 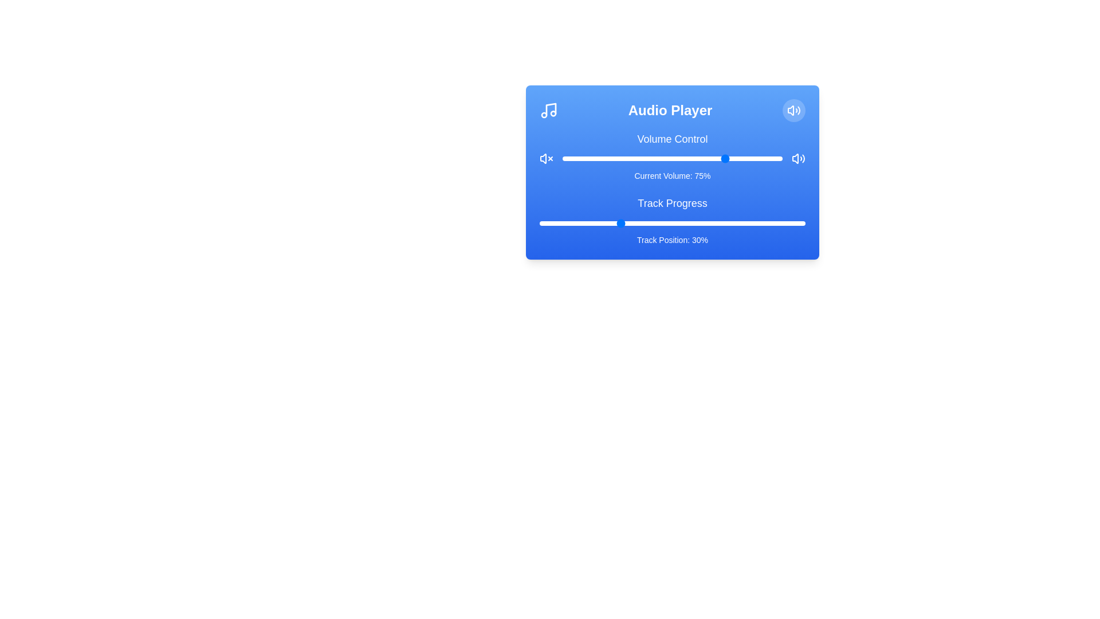 I want to click on the 'Track Progress' label, which is a prominently styled text element located centrally within a blue card-like interface, so click(x=673, y=202).